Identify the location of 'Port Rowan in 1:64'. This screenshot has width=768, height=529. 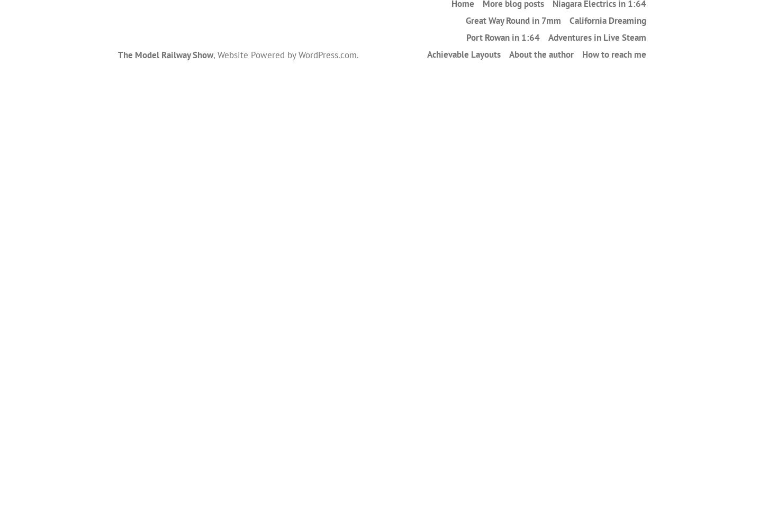
(466, 37).